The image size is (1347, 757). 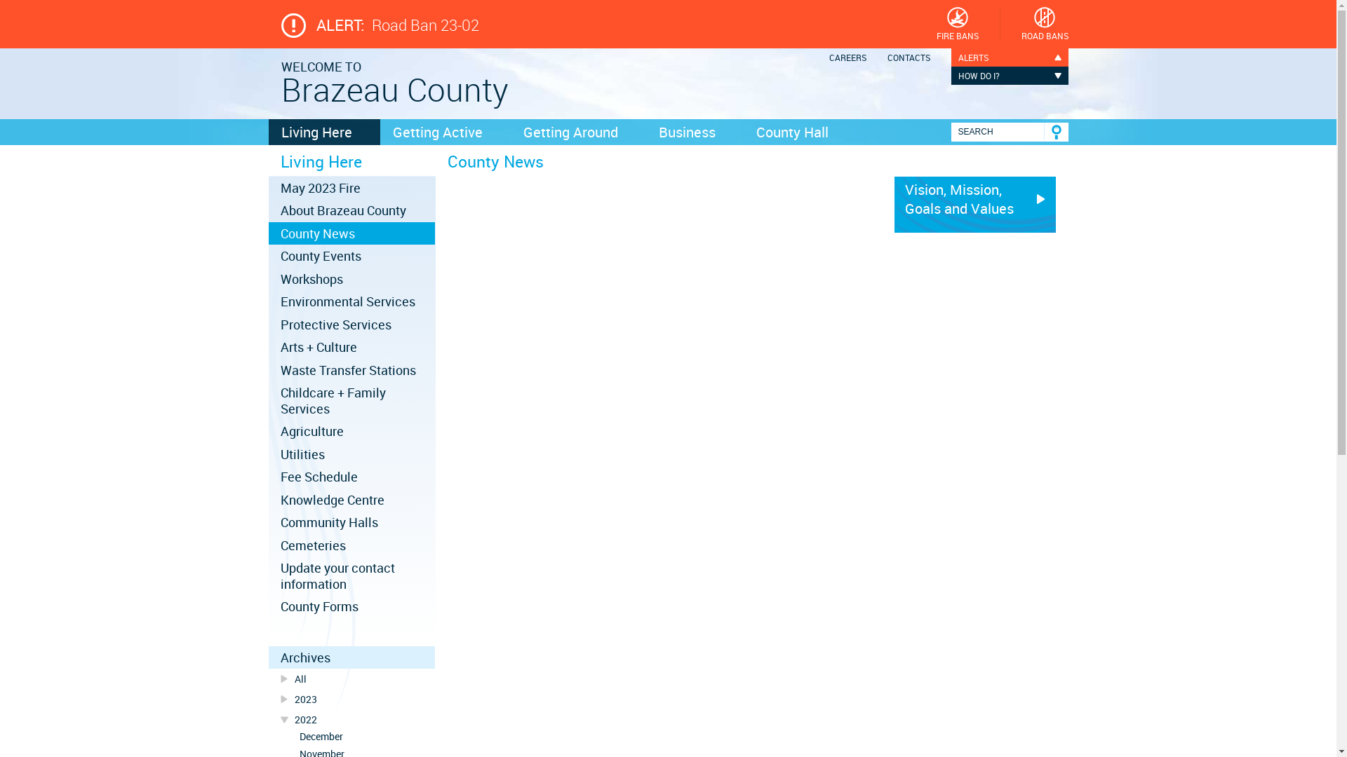 I want to click on 'County Forms', so click(x=351, y=605).